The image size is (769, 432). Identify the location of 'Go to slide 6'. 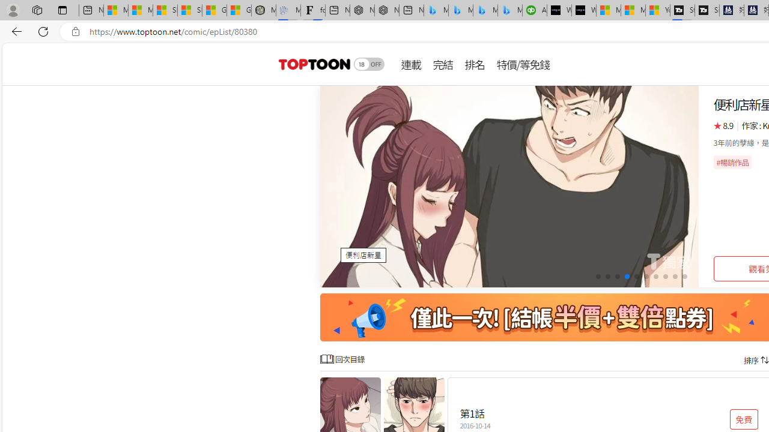
(645, 277).